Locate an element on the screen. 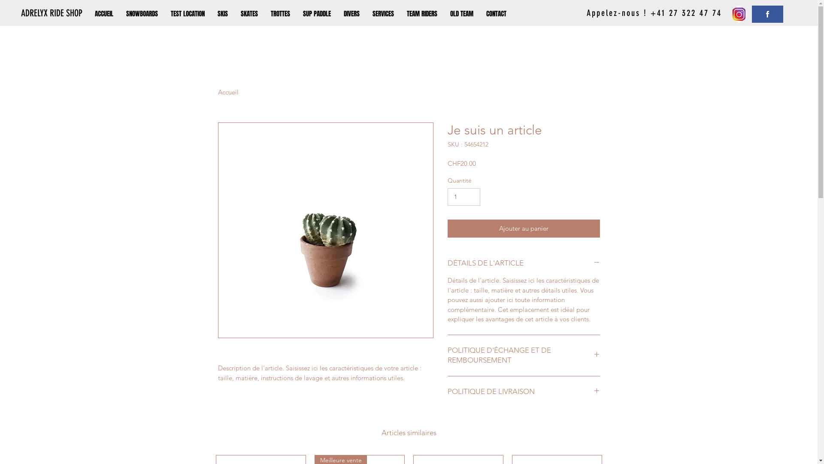 The image size is (824, 464). 'SKATES' is located at coordinates (248, 13).